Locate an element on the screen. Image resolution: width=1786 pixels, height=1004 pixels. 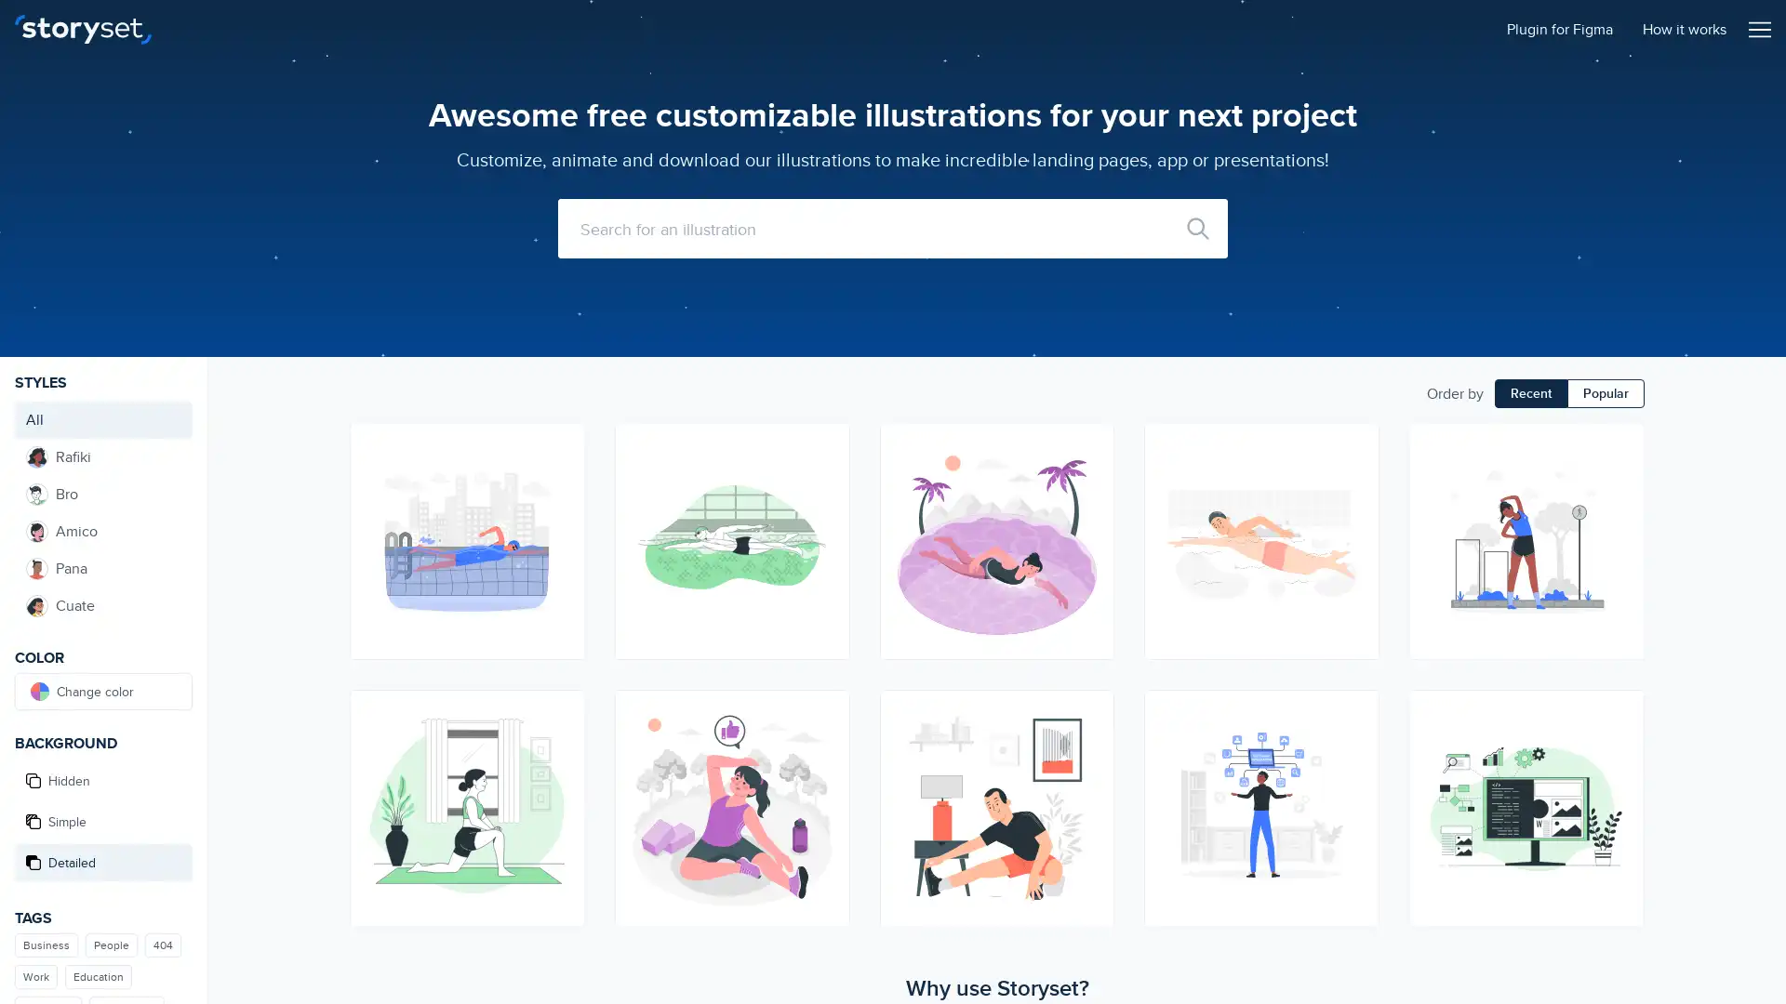
download icon Download is located at coordinates (825, 745).